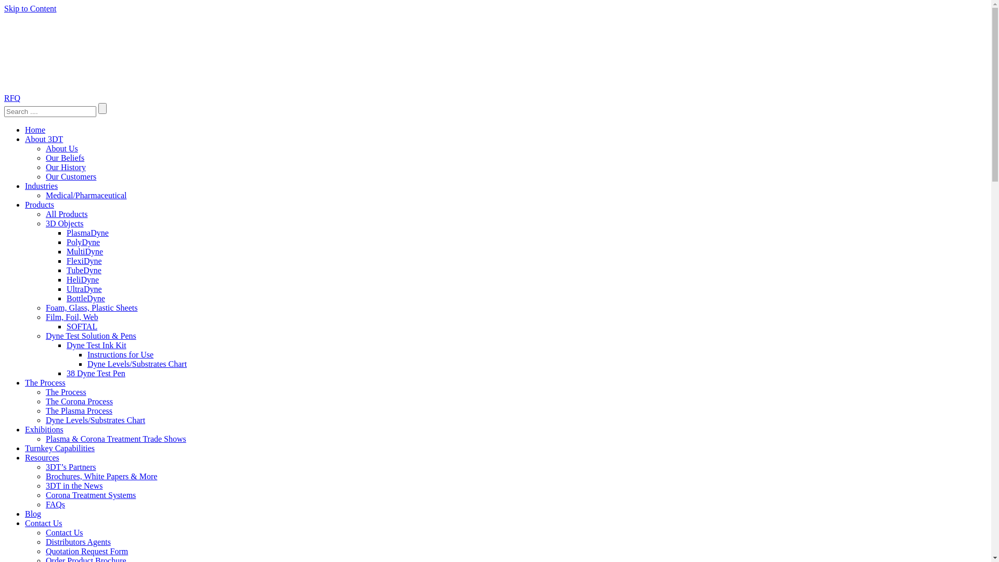 The image size is (999, 562). Describe the element at coordinates (91, 494) in the screenshot. I see `'Corona Treatment Systems'` at that location.